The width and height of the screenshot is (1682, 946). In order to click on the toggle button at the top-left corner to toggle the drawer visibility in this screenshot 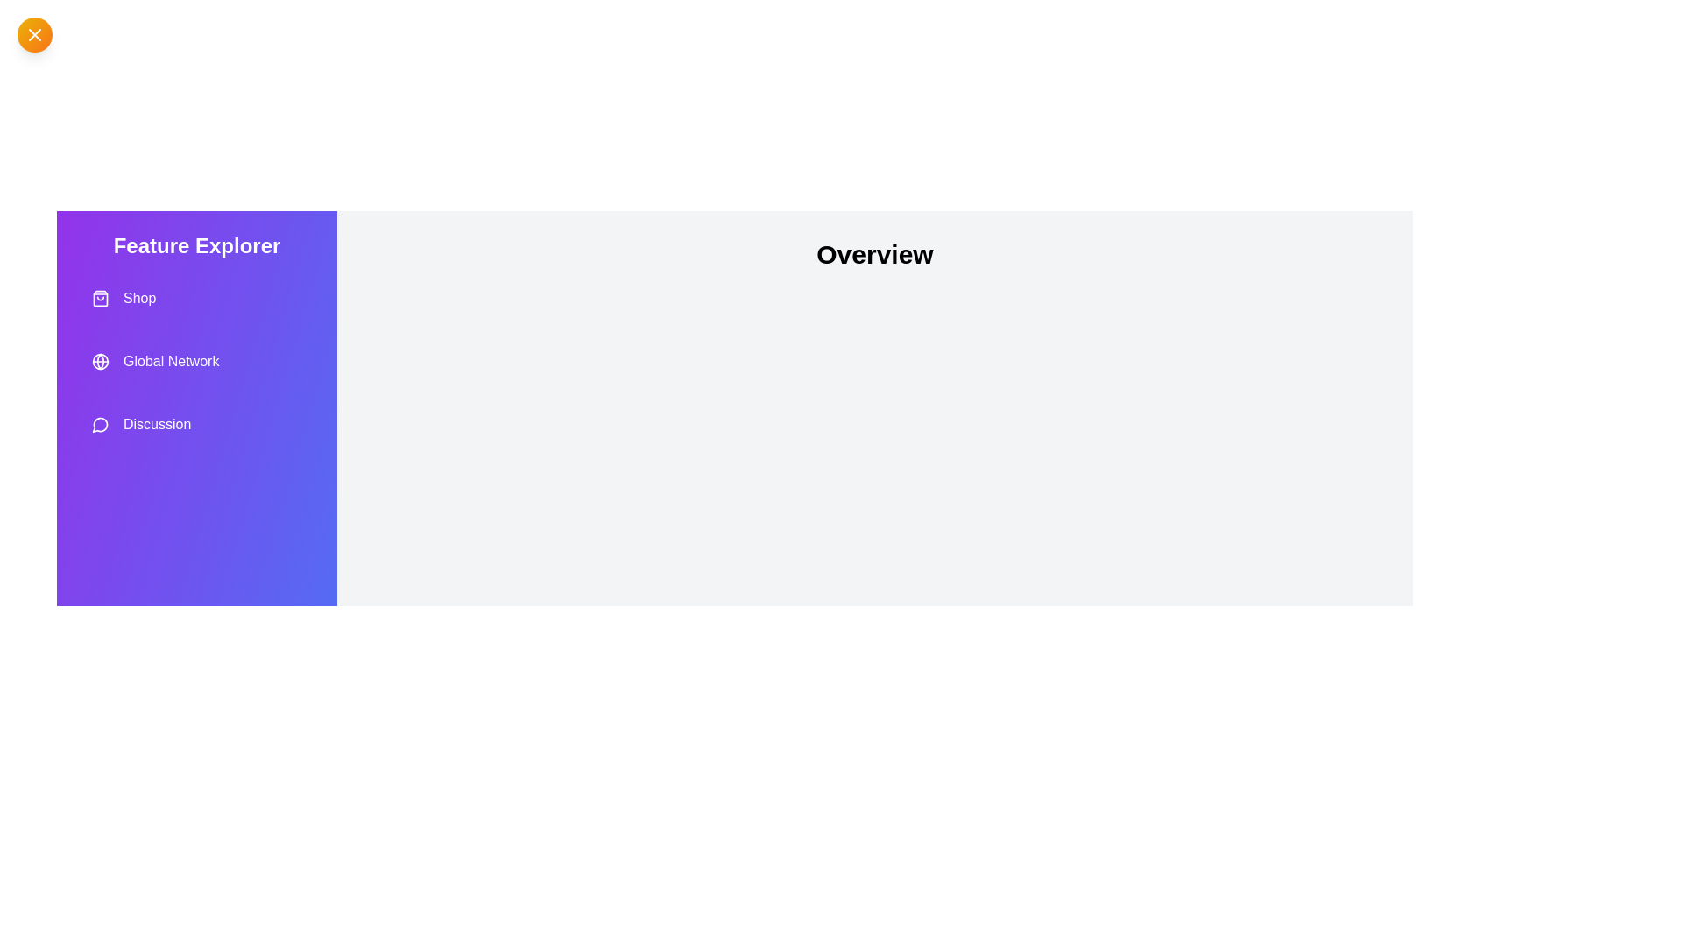, I will do `click(34, 34)`.